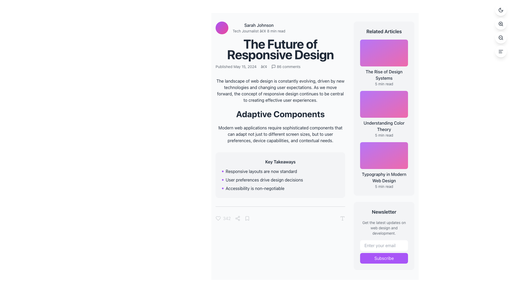 This screenshot has width=511, height=287. Describe the element at coordinates (500, 37) in the screenshot. I see `the central circle of the magnifying glass icon, which represents the 'zoom out' functionality, located near the bottom right of the main interface as the second button from the top in the vertical button group` at that location.